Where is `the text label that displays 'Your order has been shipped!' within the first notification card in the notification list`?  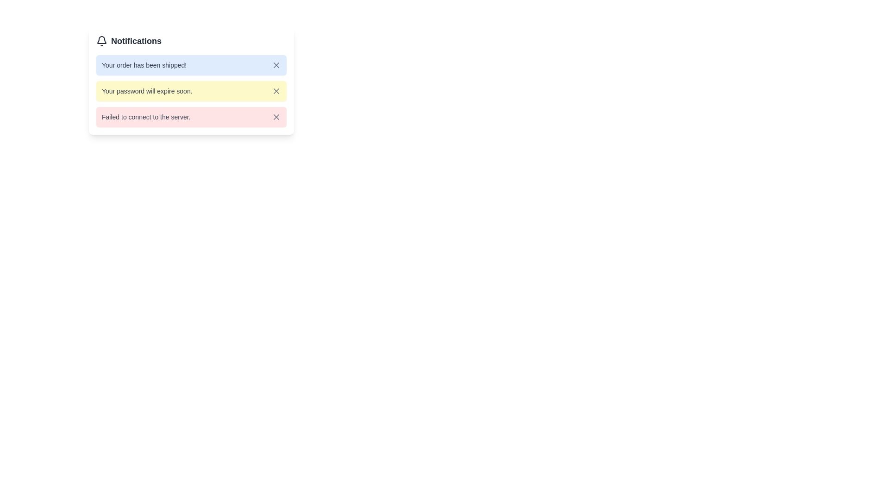
the text label that displays 'Your order has been shipped!' within the first notification card in the notification list is located at coordinates (144, 65).